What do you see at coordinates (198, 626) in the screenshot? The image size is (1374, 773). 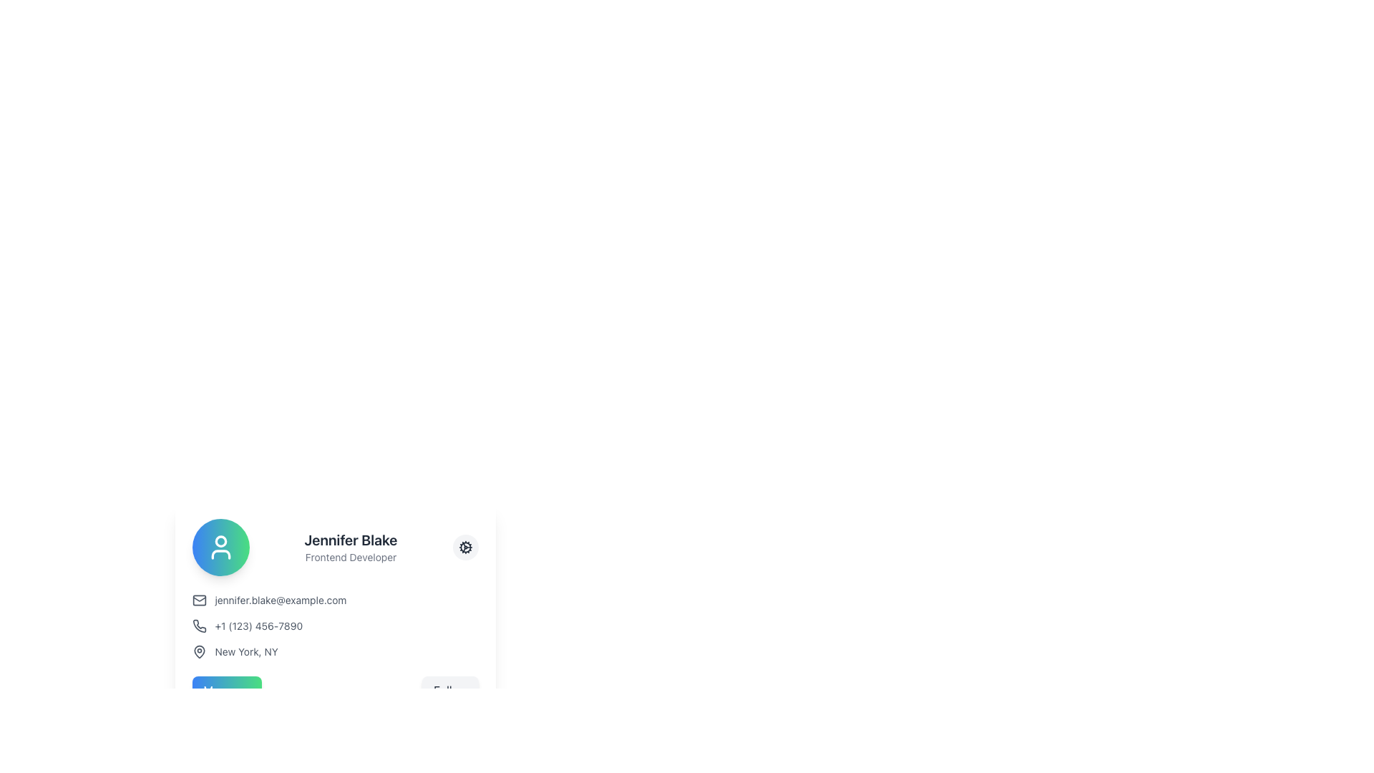 I see `the phone receiver icon` at bounding box center [198, 626].